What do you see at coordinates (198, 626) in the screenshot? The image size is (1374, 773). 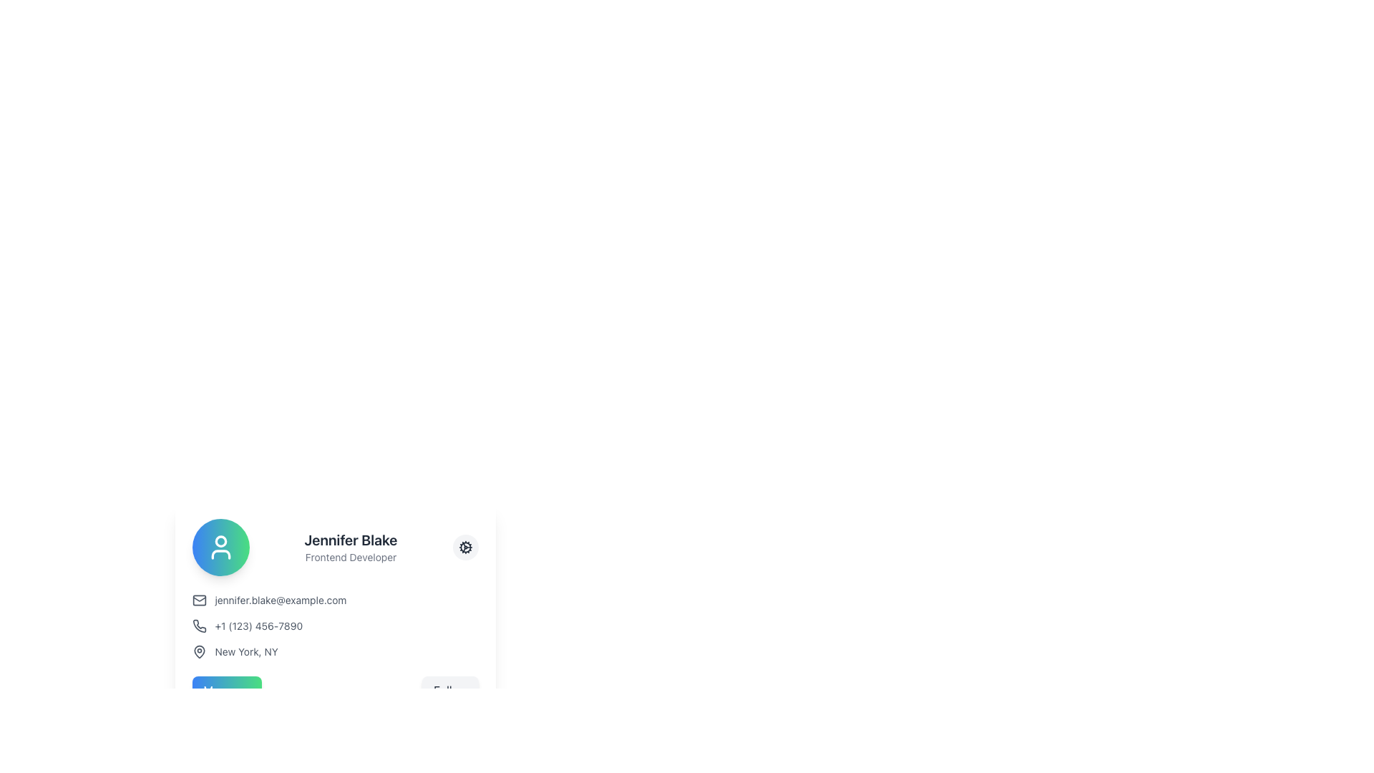 I see `the phone receiver icon` at bounding box center [198, 626].